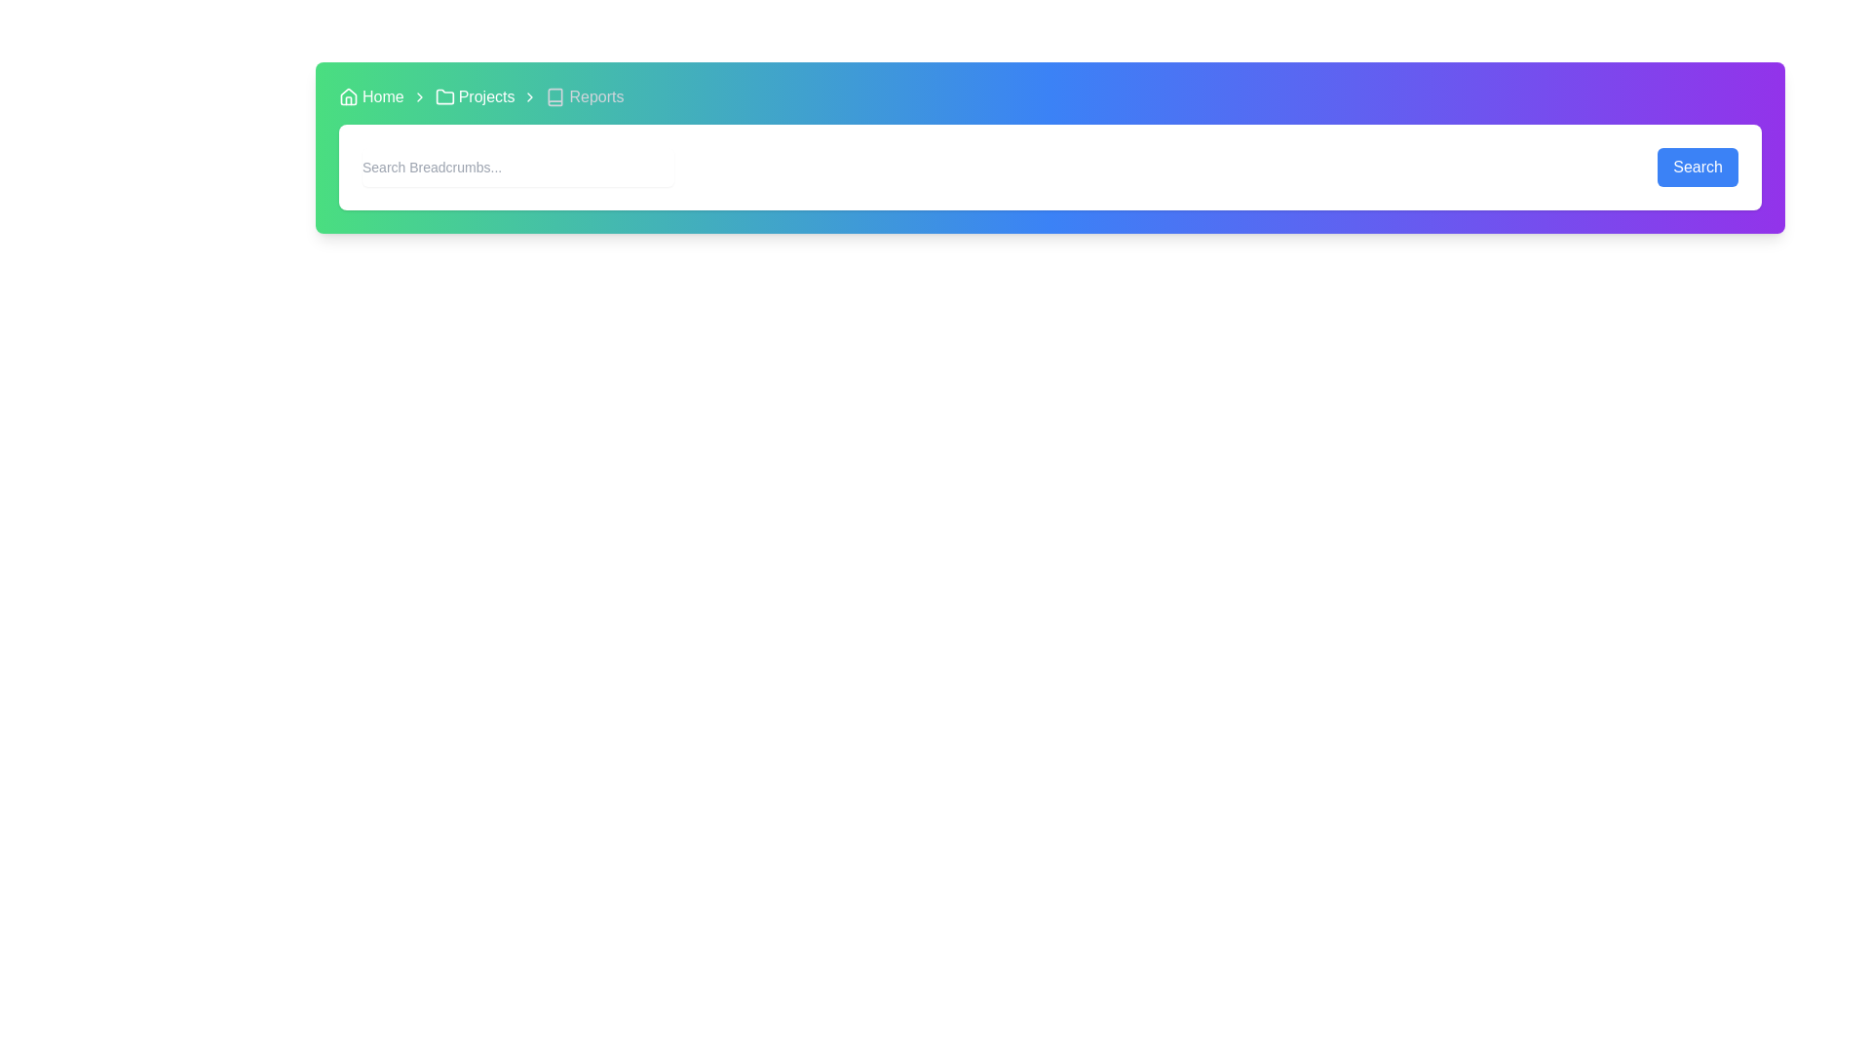  I want to click on the 'Reports' icon in the breadcrumb navigation bar, which is an SVG vector graphic positioned to the right of the folder icon, so click(554, 97).